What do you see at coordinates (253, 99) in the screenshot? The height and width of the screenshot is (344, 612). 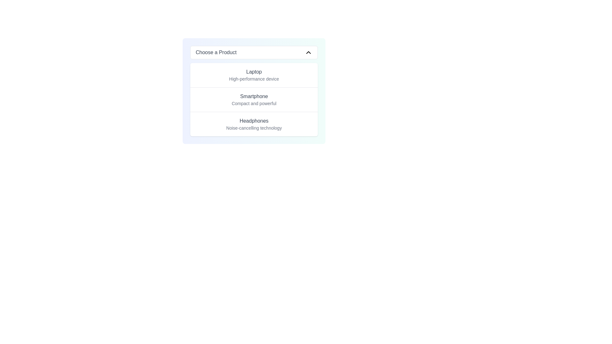 I see `the list item element that states 'Smartphone' and is located between 'Laptop' and 'Headphones' in the 'Choose a Product' list to navigate` at bounding box center [253, 99].